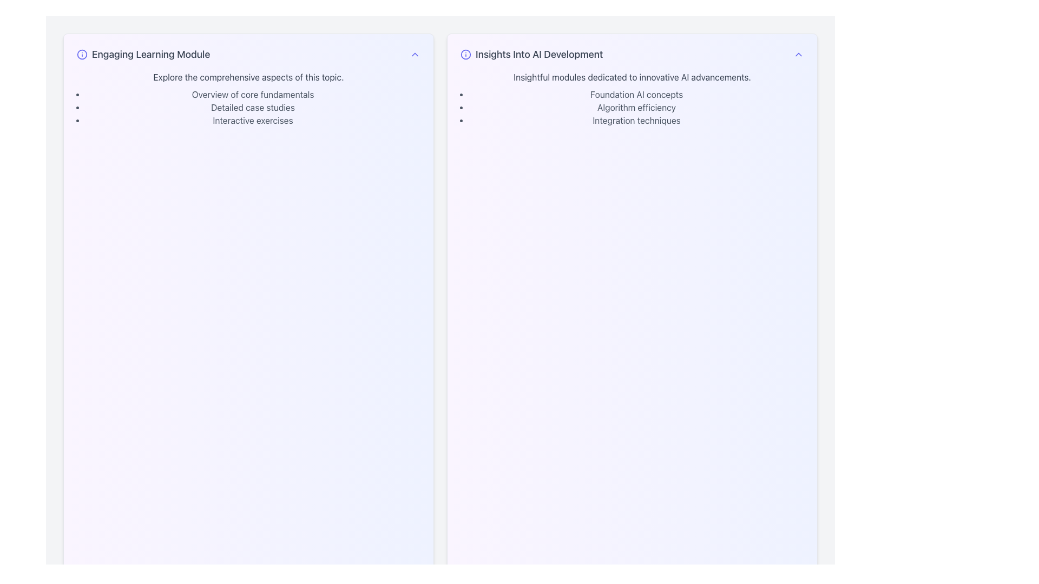 This screenshot has width=1039, height=584. Describe the element at coordinates (252, 108) in the screenshot. I see `text label that is the second item in a three-item bulleted list, positioned between 'Overview of core fundamentals' and 'Interactive exercises' in the left panel labeled 'Engaging Learning Module'` at that location.